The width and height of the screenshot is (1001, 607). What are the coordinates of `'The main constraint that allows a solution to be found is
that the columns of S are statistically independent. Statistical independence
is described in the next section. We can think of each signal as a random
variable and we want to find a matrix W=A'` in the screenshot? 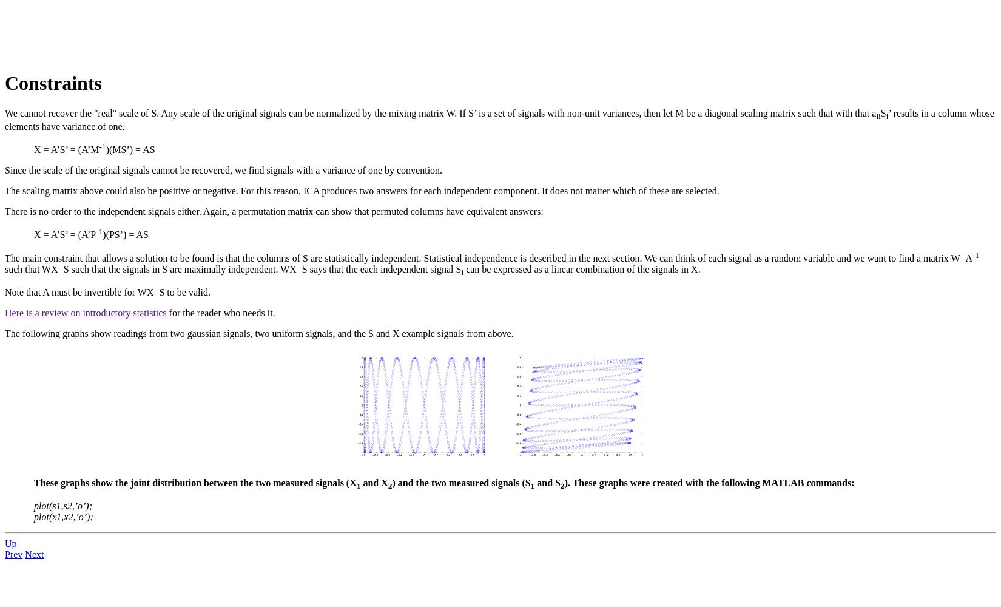 It's located at (4, 258).